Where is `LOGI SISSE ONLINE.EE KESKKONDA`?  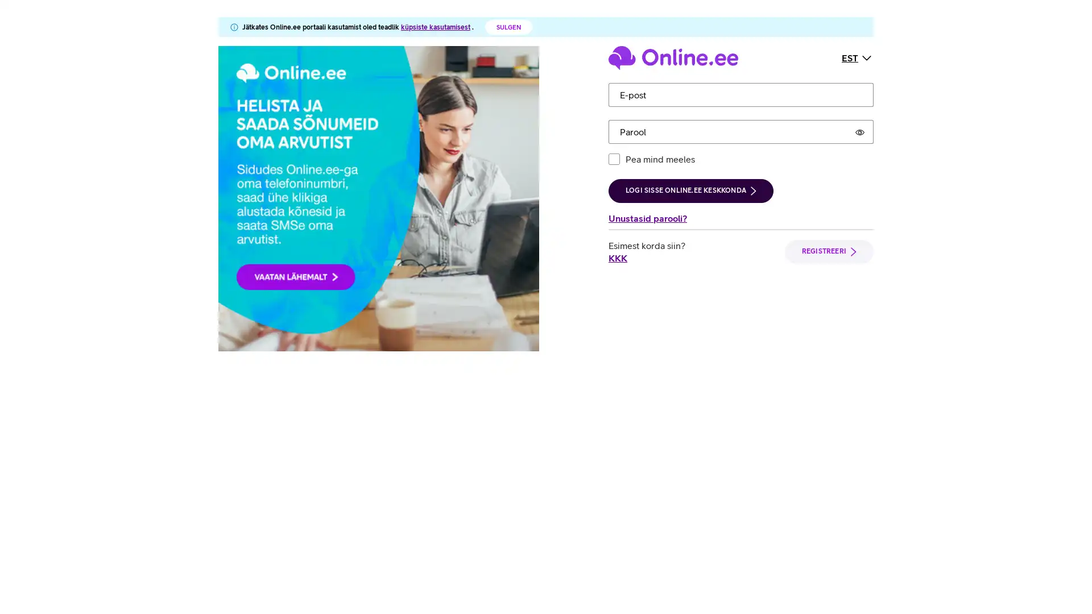
LOGI SISSE ONLINE.EE KESKKONDA is located at coordinates (690, 190).